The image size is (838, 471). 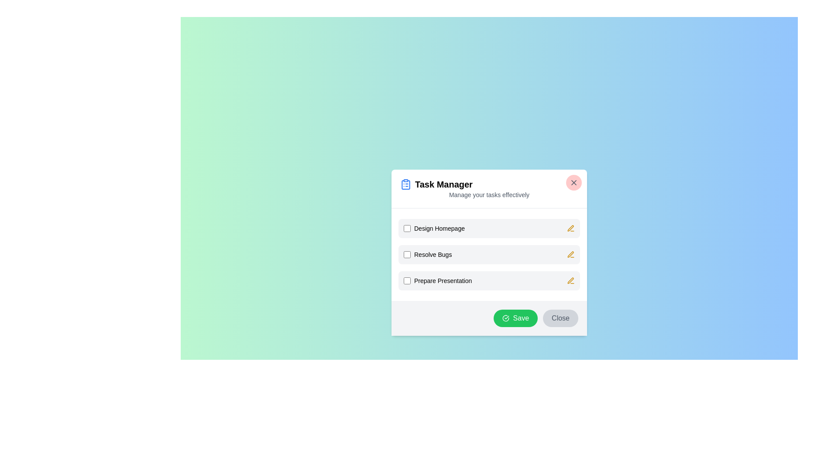 What do you see at coordinates (406, 280) in the screenshot?
I see `the checkbox for 'Prepare Presentation'` at bounding box center [406, 280].